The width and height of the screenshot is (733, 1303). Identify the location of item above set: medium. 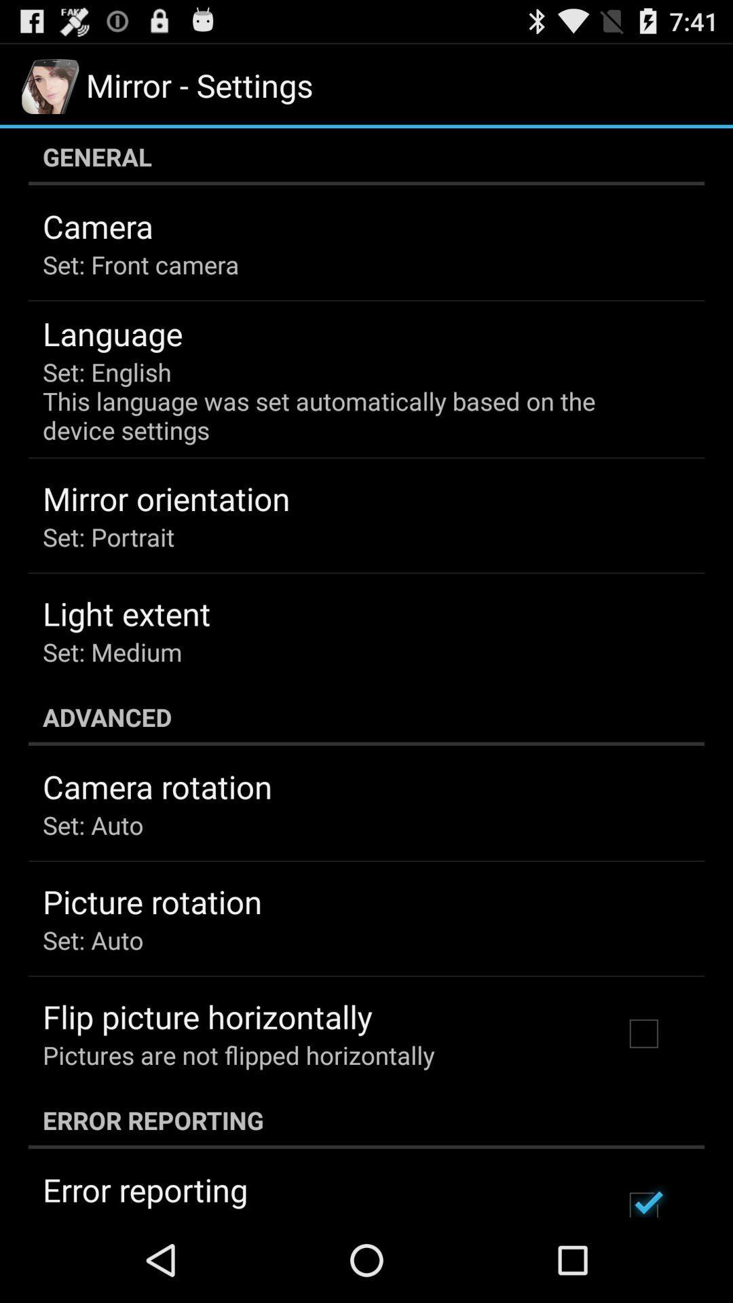
(126, 613).